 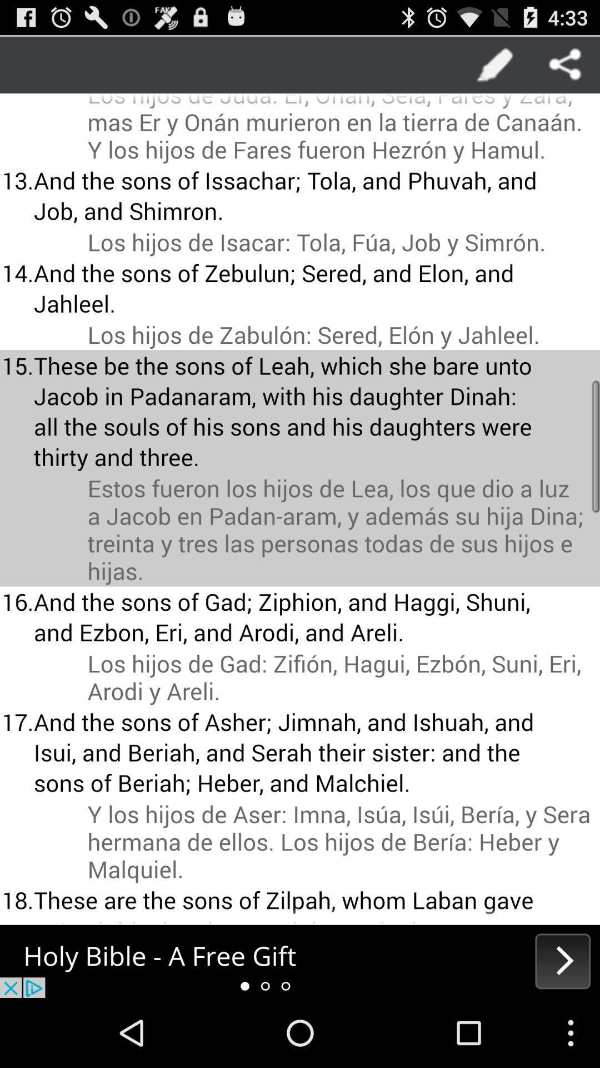 I want to click on the edit icon, so click(x=494, y=68).